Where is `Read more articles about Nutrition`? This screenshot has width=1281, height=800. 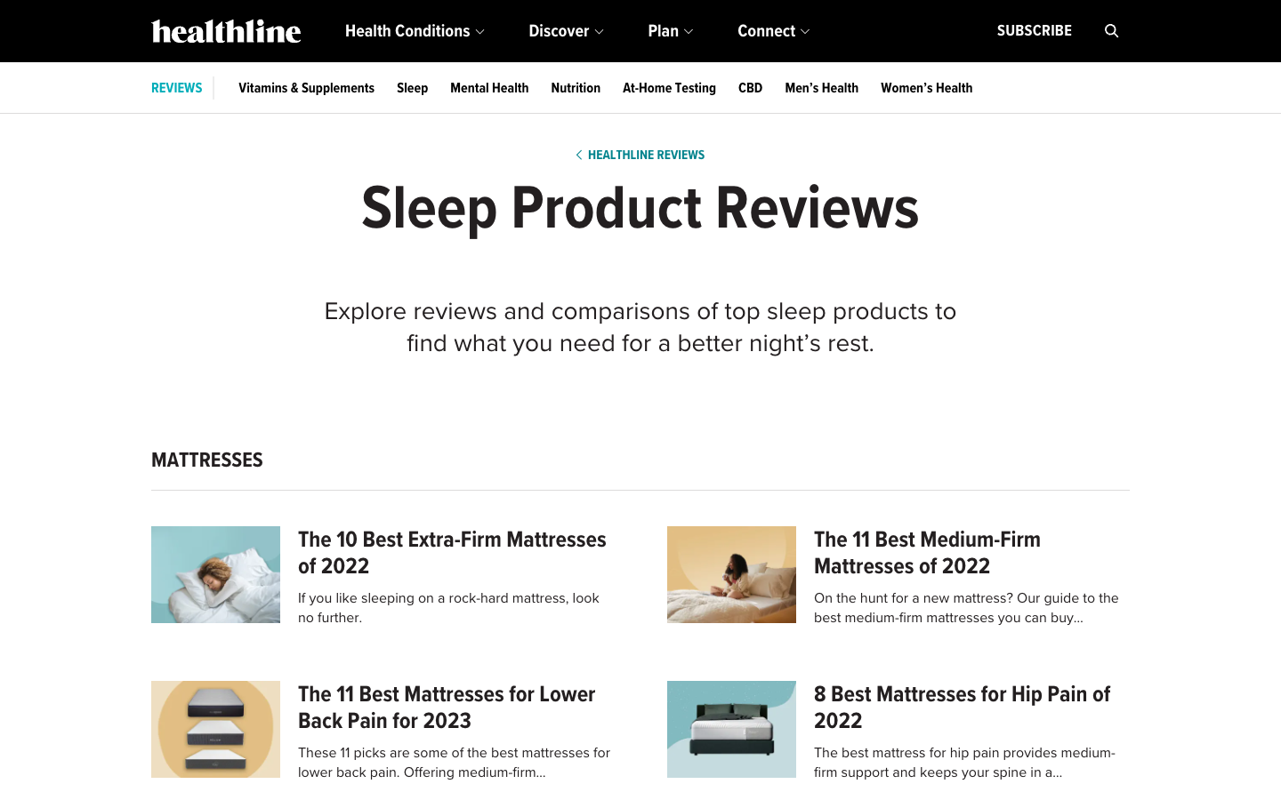 Read more articles about Nutrition is located at coordinates (575, 87).